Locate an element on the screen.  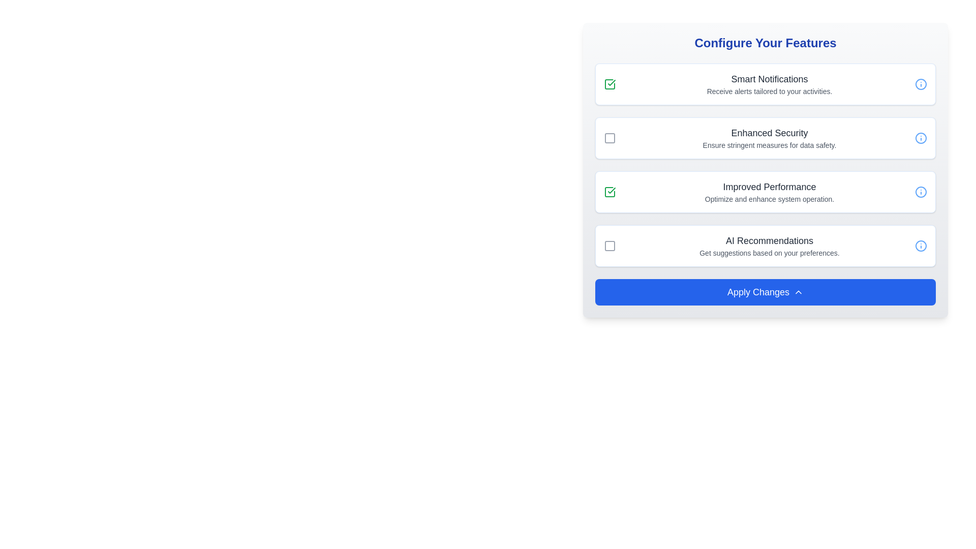
the 'Smart Notifications' title text label, which is located above the descriptive text in the feature configuration list is located at coordinates (769, 78).